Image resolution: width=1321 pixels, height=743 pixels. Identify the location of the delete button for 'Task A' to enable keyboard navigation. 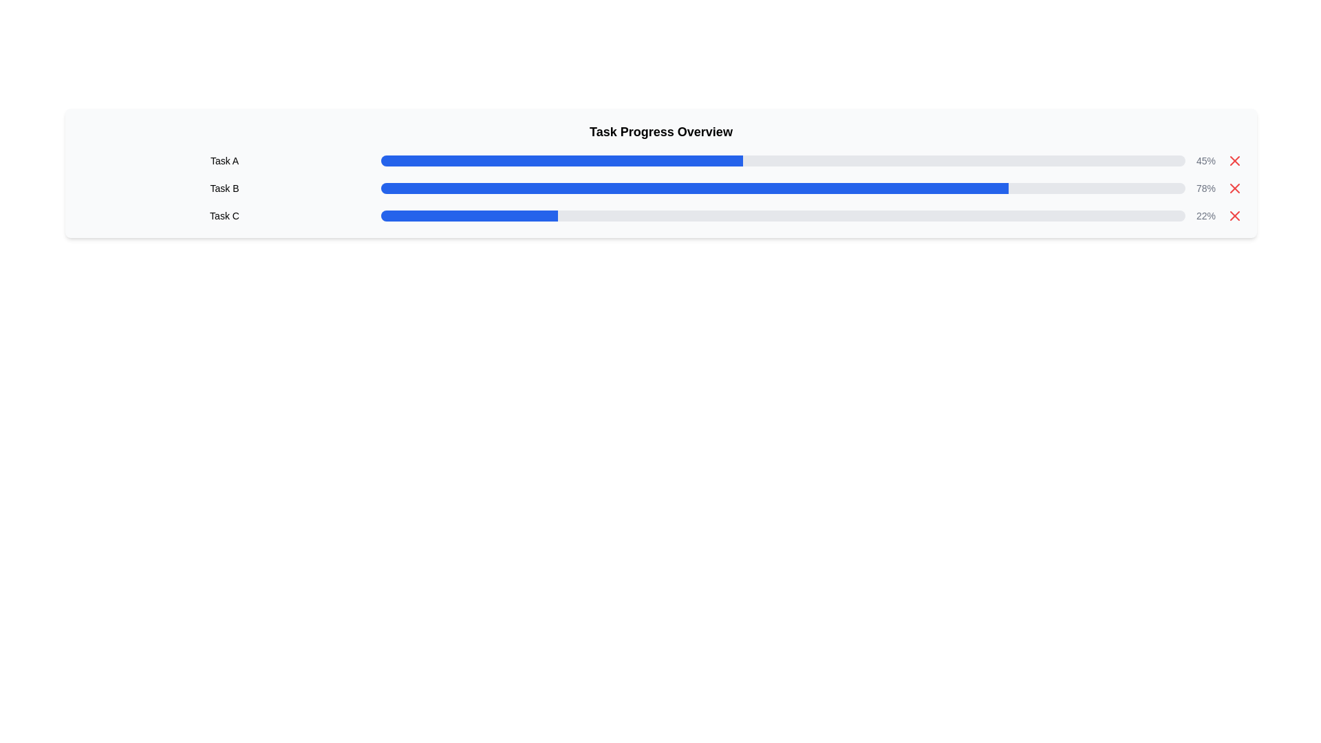
(1235, 160).